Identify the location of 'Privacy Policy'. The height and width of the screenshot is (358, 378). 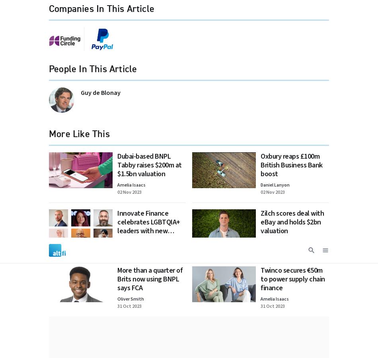
(135, 31).